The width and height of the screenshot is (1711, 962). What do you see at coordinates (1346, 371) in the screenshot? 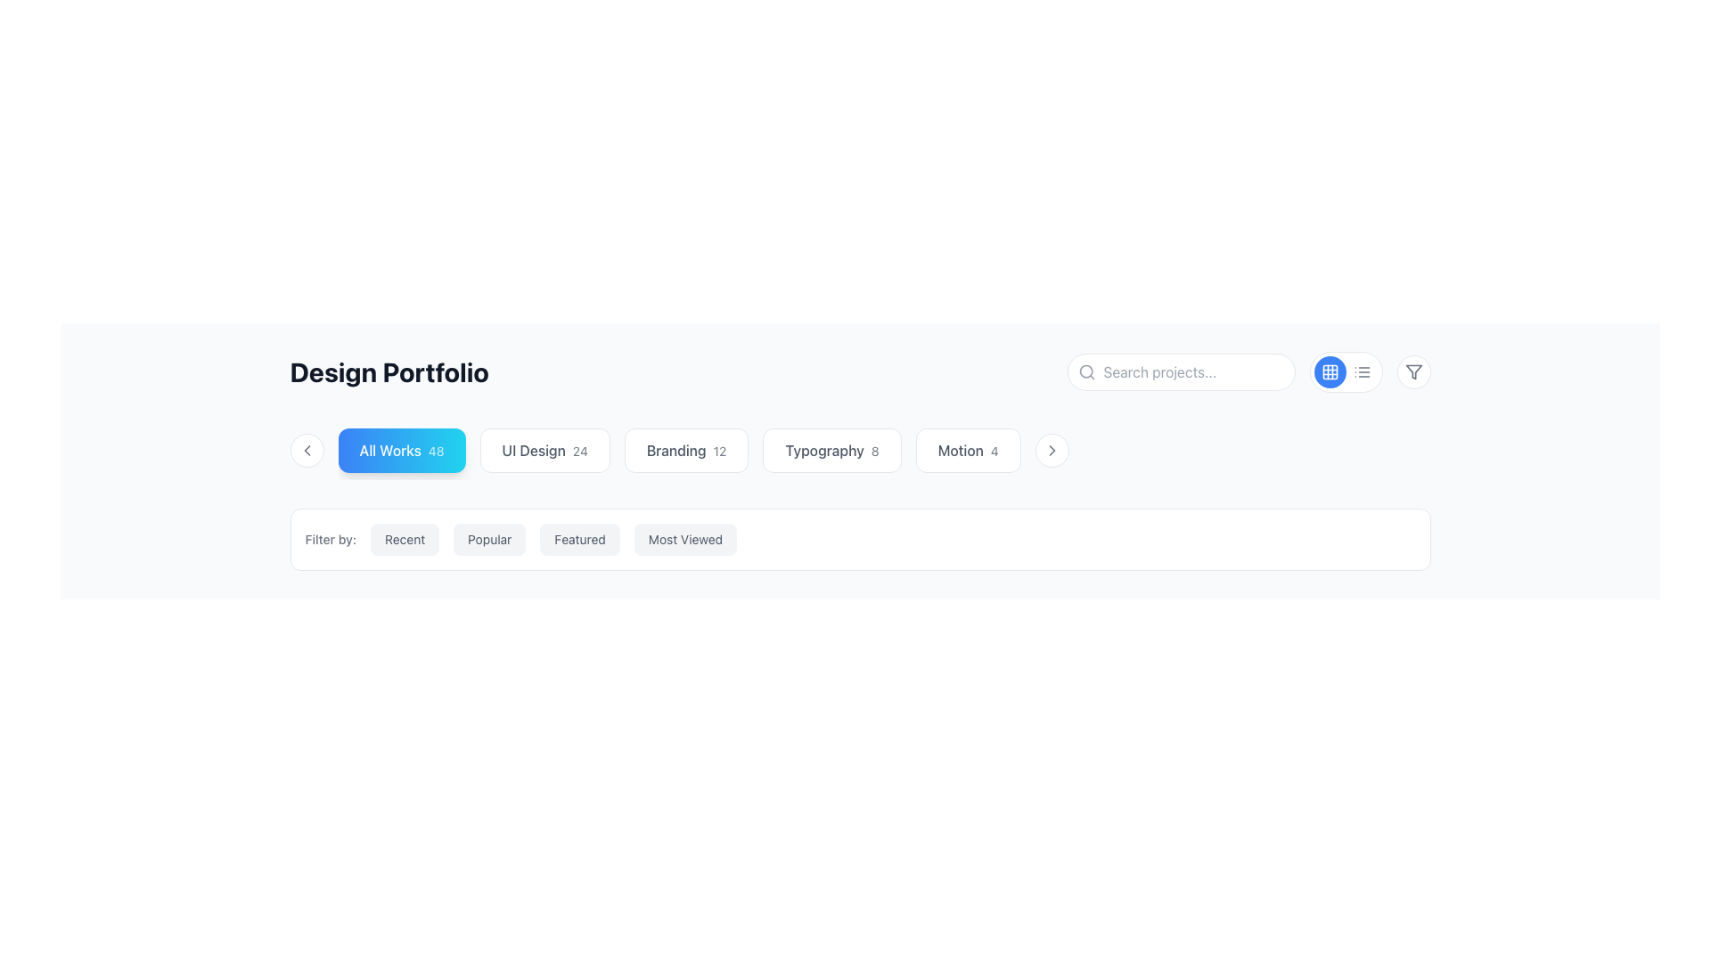
I see `the circular blue button with a white grid layout icon, which is the first in a group of two toggle buttons for layout selection located to the right of the search bar` at bounding box center [1346, 371].